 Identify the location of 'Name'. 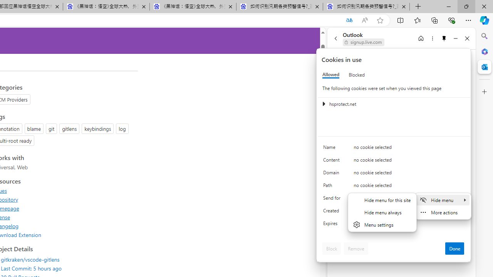
(333, 149).